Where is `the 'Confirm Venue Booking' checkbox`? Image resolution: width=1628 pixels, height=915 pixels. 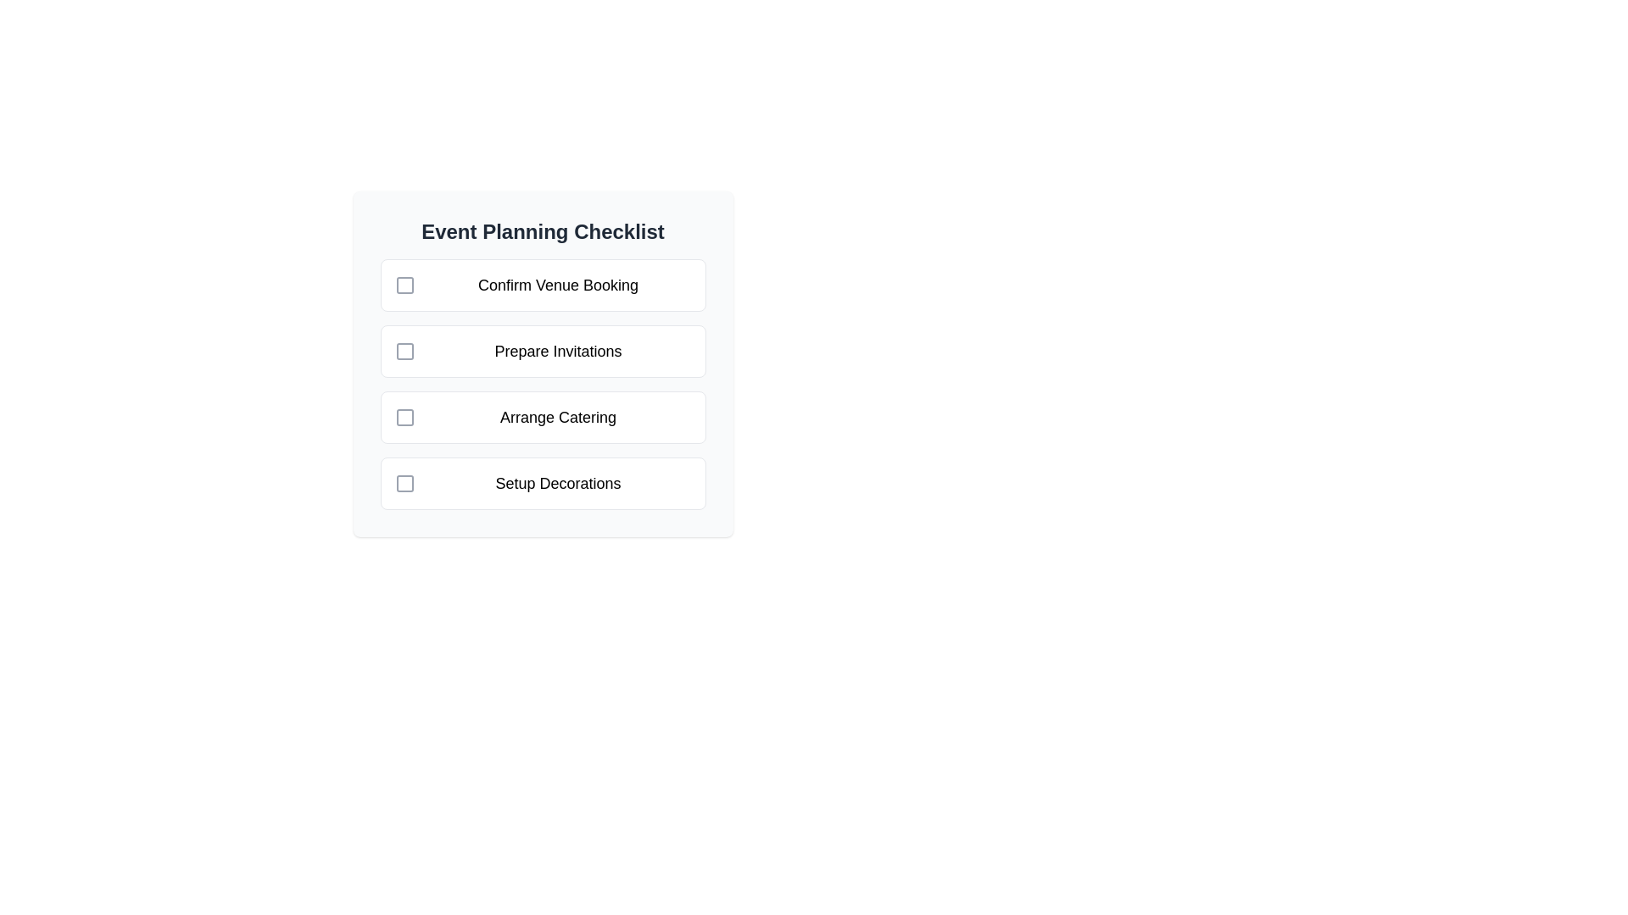
the 'Confirm Venue Booking' checkbox is located at coordinates (543, 284).